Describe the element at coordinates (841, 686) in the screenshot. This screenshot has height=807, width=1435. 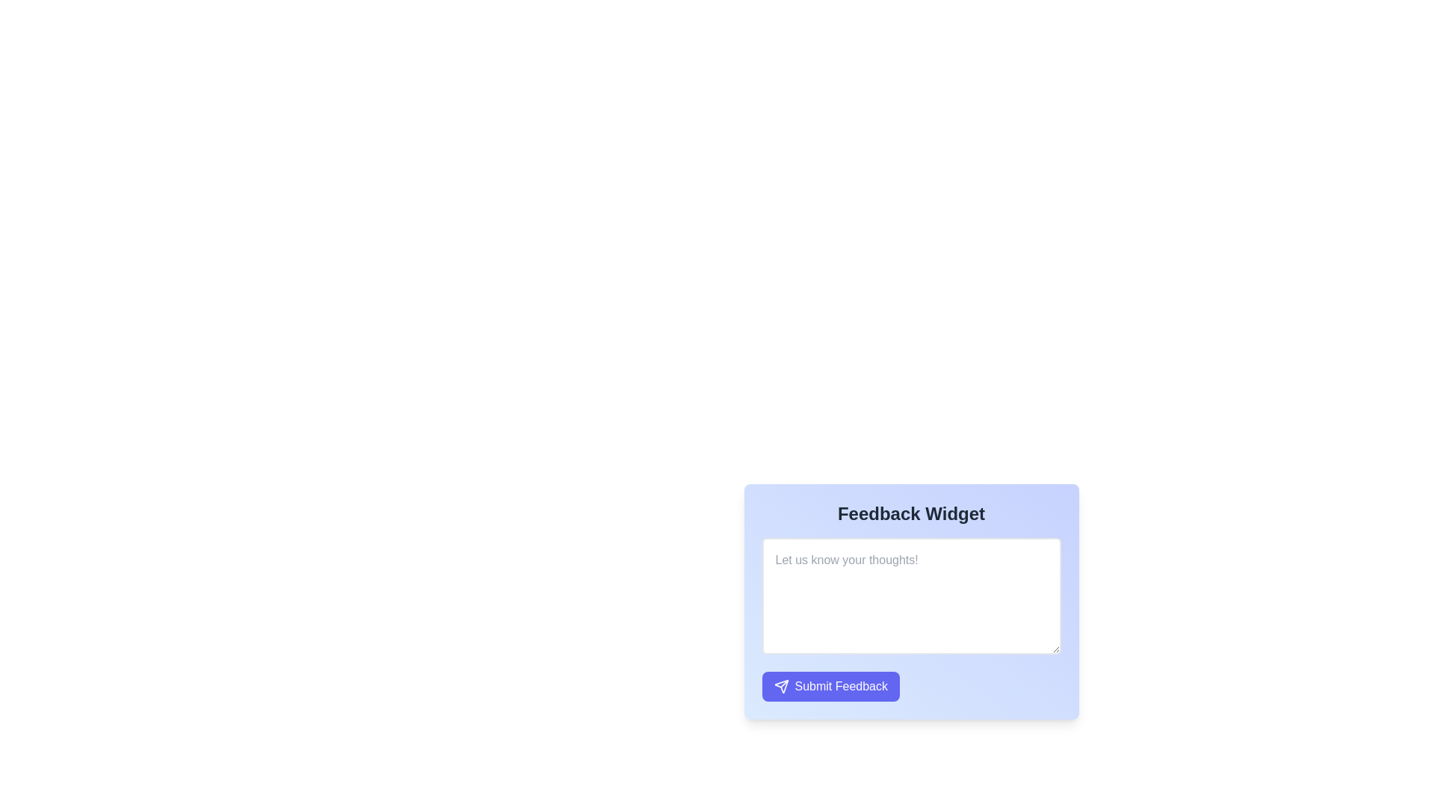
I see `the 'Submit Feedback' text label, which is styled with white text on a blue background and positioned under the text input field, as part of the button containing a paper plane icon` at that location.